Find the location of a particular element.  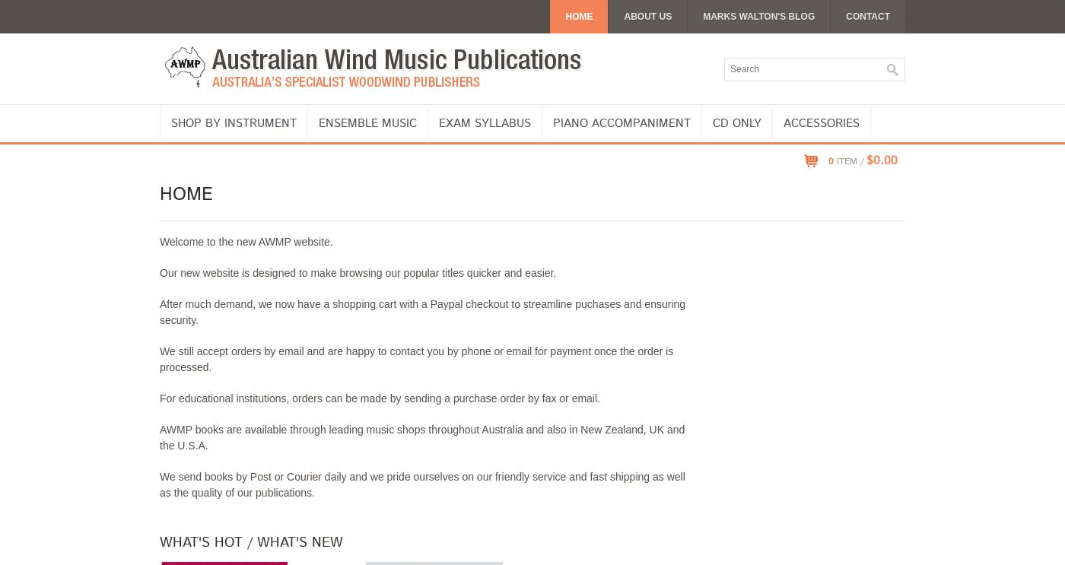

'Contact' is located at coordinates (868, 16).